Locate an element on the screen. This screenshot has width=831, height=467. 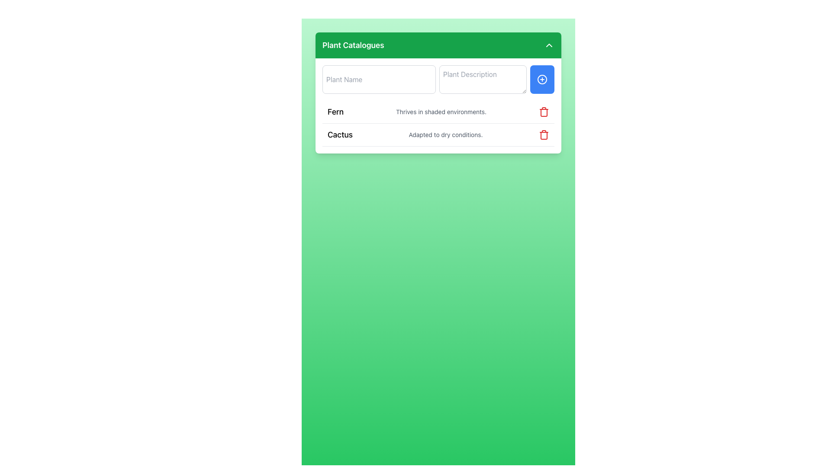
on the first list entry item titled 'Fern' is located at coordinates (438, 123).